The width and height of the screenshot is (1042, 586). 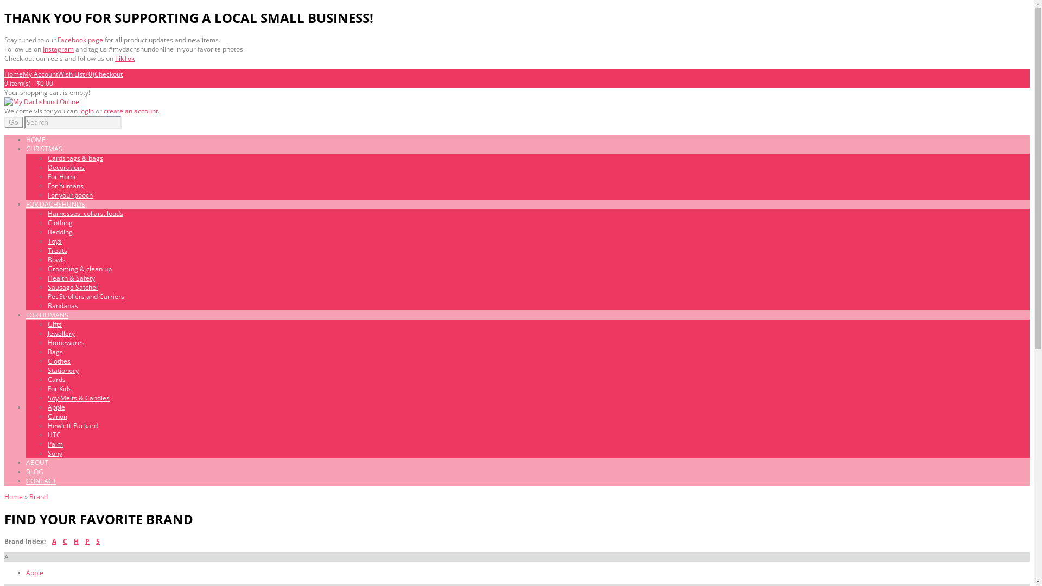 What do you see at coordinates (72, 286) in the screenshot?
I see `'Sausage Satchel'` at bounding box center [72, 286].